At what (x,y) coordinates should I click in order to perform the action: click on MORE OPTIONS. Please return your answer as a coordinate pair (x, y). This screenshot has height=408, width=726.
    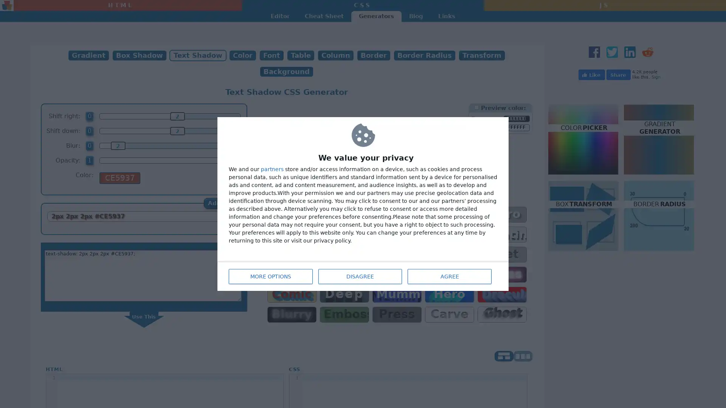
    Looking at the image, I should click on (270, 277).